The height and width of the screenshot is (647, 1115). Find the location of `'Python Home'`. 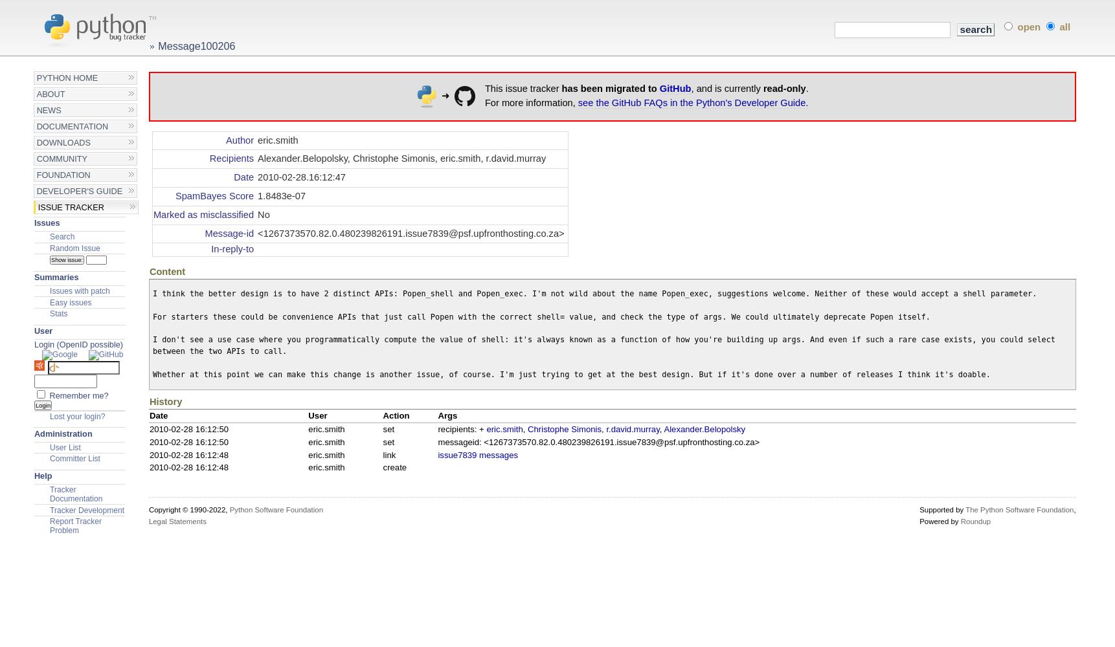

'Python Home' is located at coordinates (66, 77).